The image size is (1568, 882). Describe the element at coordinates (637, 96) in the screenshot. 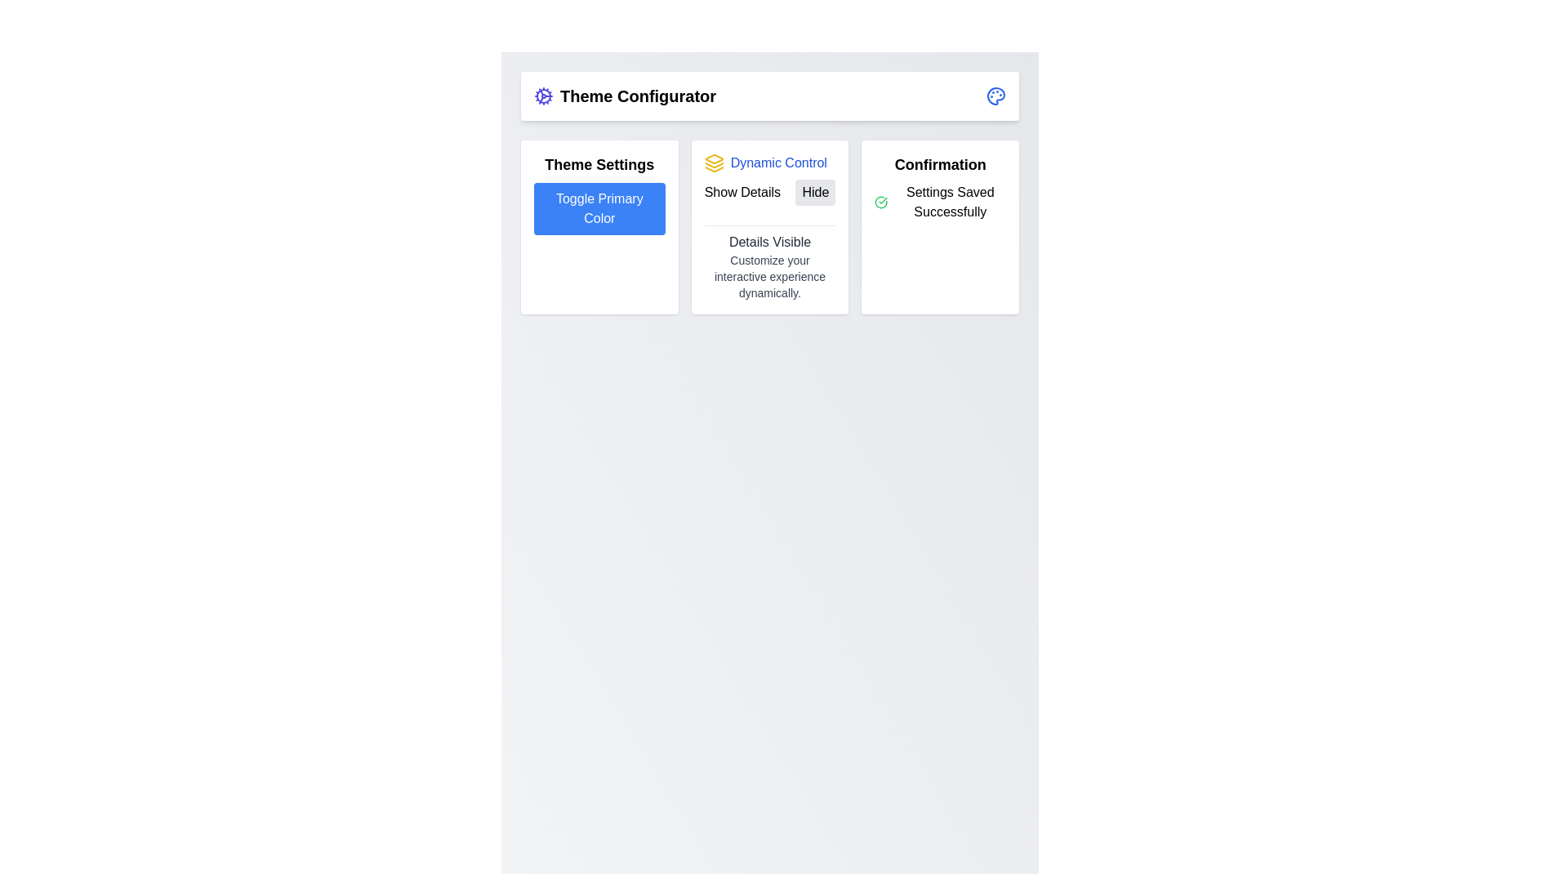

I see `the central text label that serves as a header for the theme configuration interface` at that location.